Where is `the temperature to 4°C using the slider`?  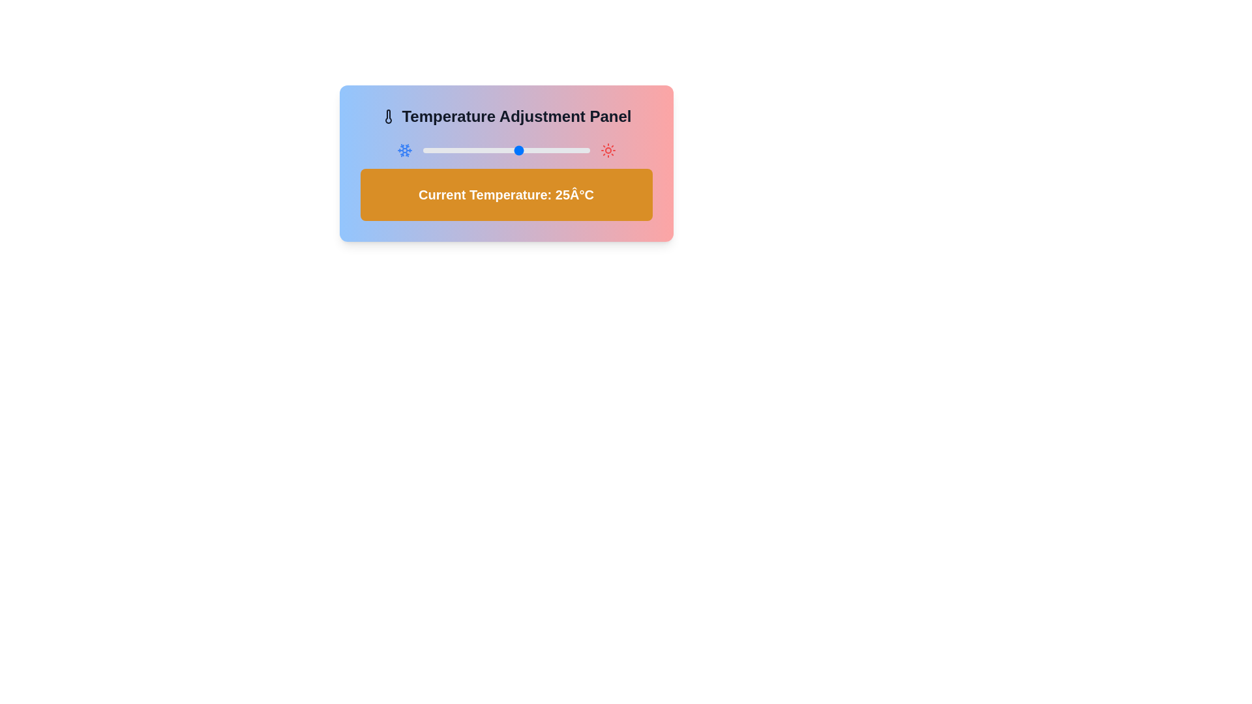 the temperature to 4°C using the slider is located at coordinates (462, 150).